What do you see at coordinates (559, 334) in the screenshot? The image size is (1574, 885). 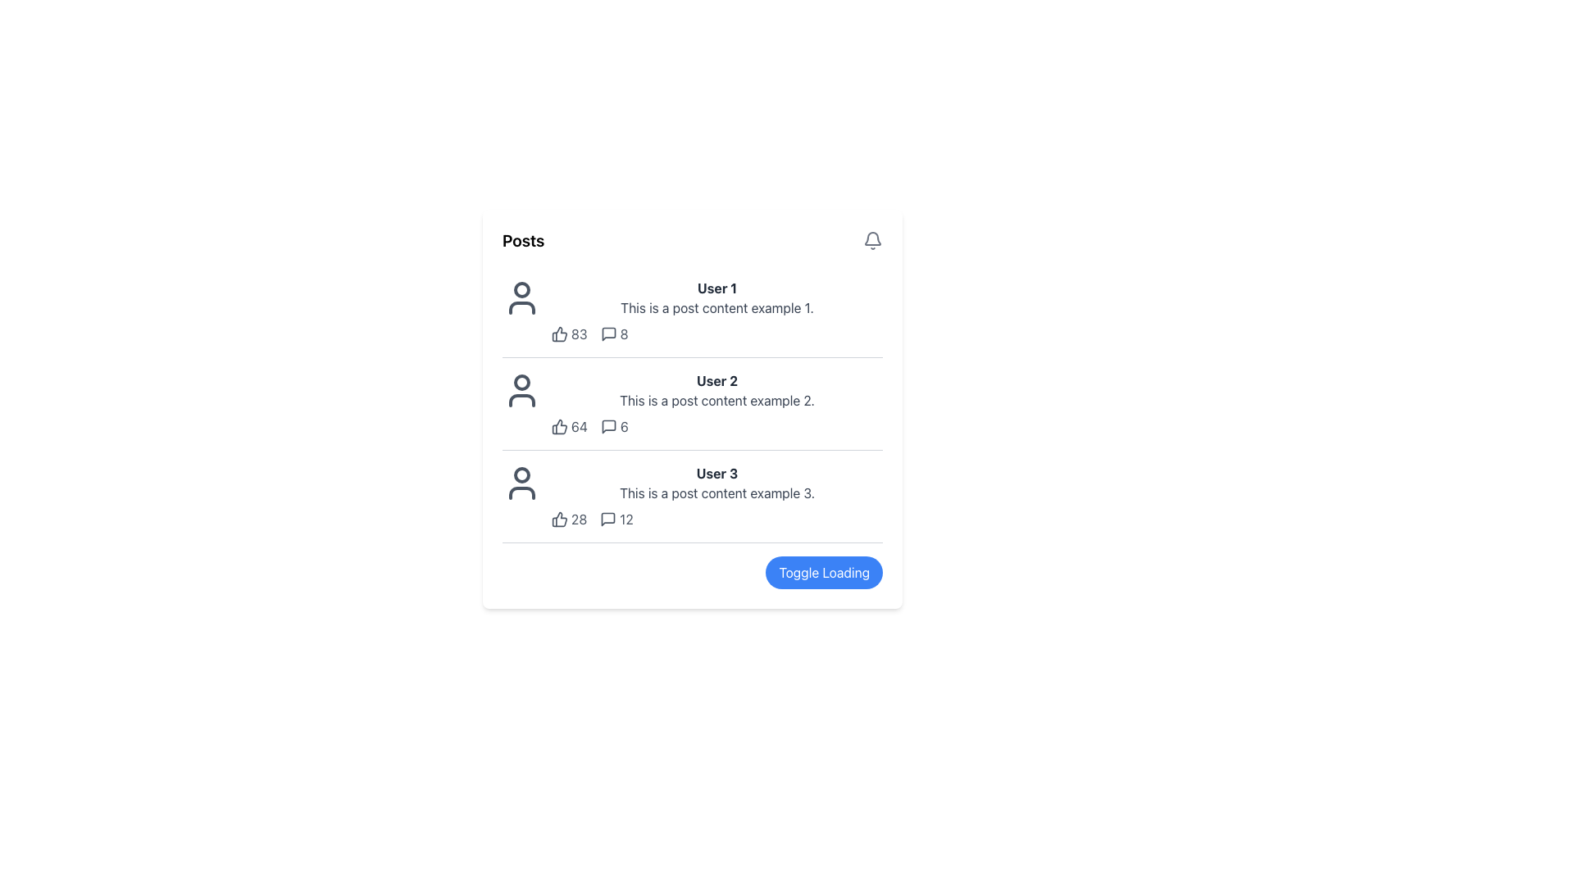 I see `the minimalist thumbs-up icon located to the left of the numerical indicator '83' in the interface` at bounding box center [559, 334].